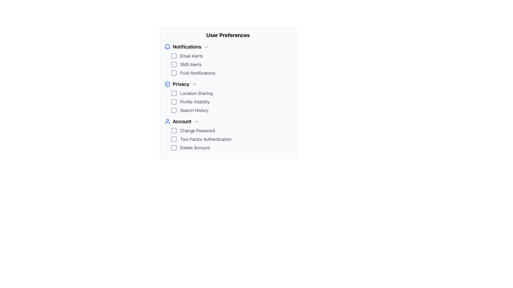  Describe the element at coordinates (174, 73) in the screenshot. I see `the checkbox located next to the 'Push Notifications' label in the 'Notifications' section of the user preferences panel` at that location.